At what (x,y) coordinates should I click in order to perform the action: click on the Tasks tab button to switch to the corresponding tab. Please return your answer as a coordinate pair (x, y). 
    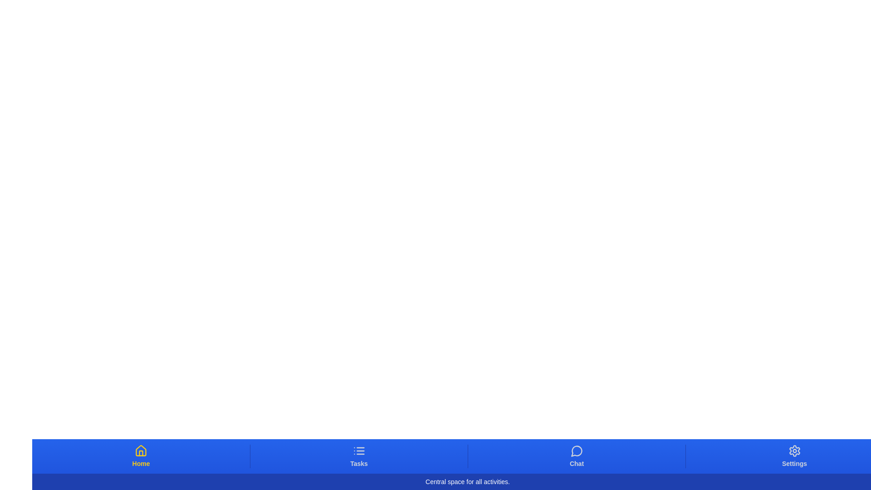
    Looking at the image, I should click on (358, 456).